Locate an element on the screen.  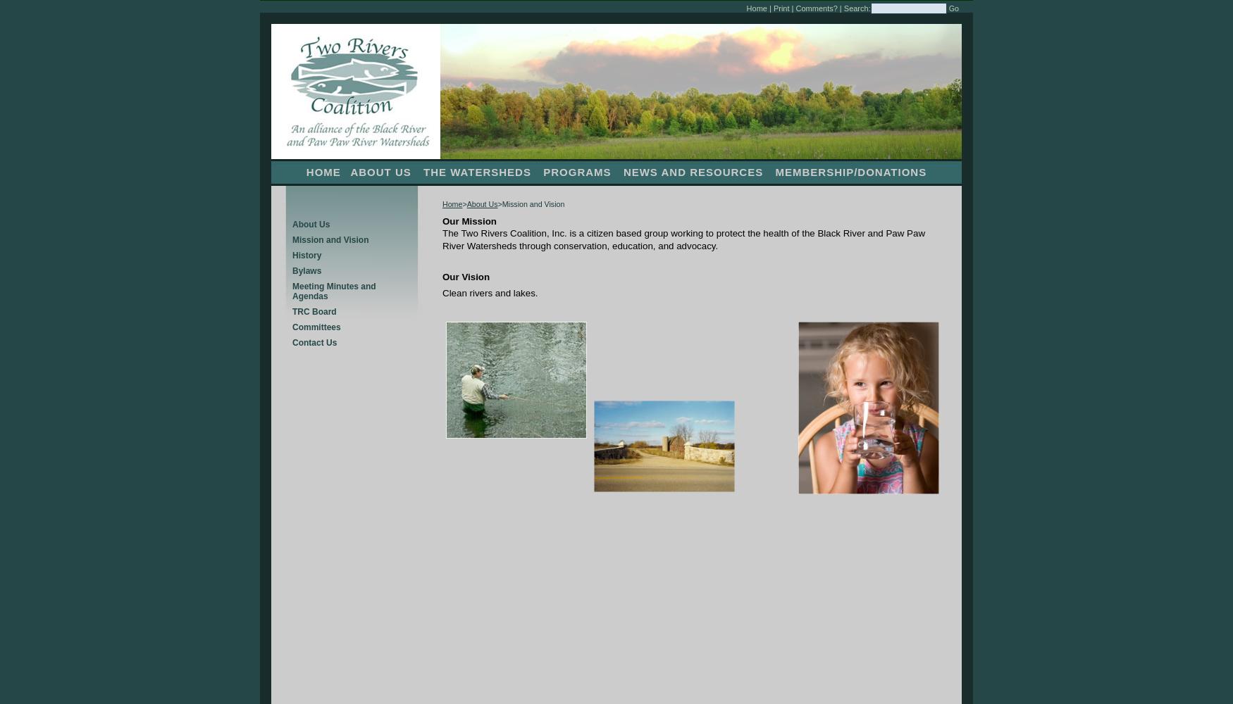
'Lake Associations' is located at coordinates (37, 56).